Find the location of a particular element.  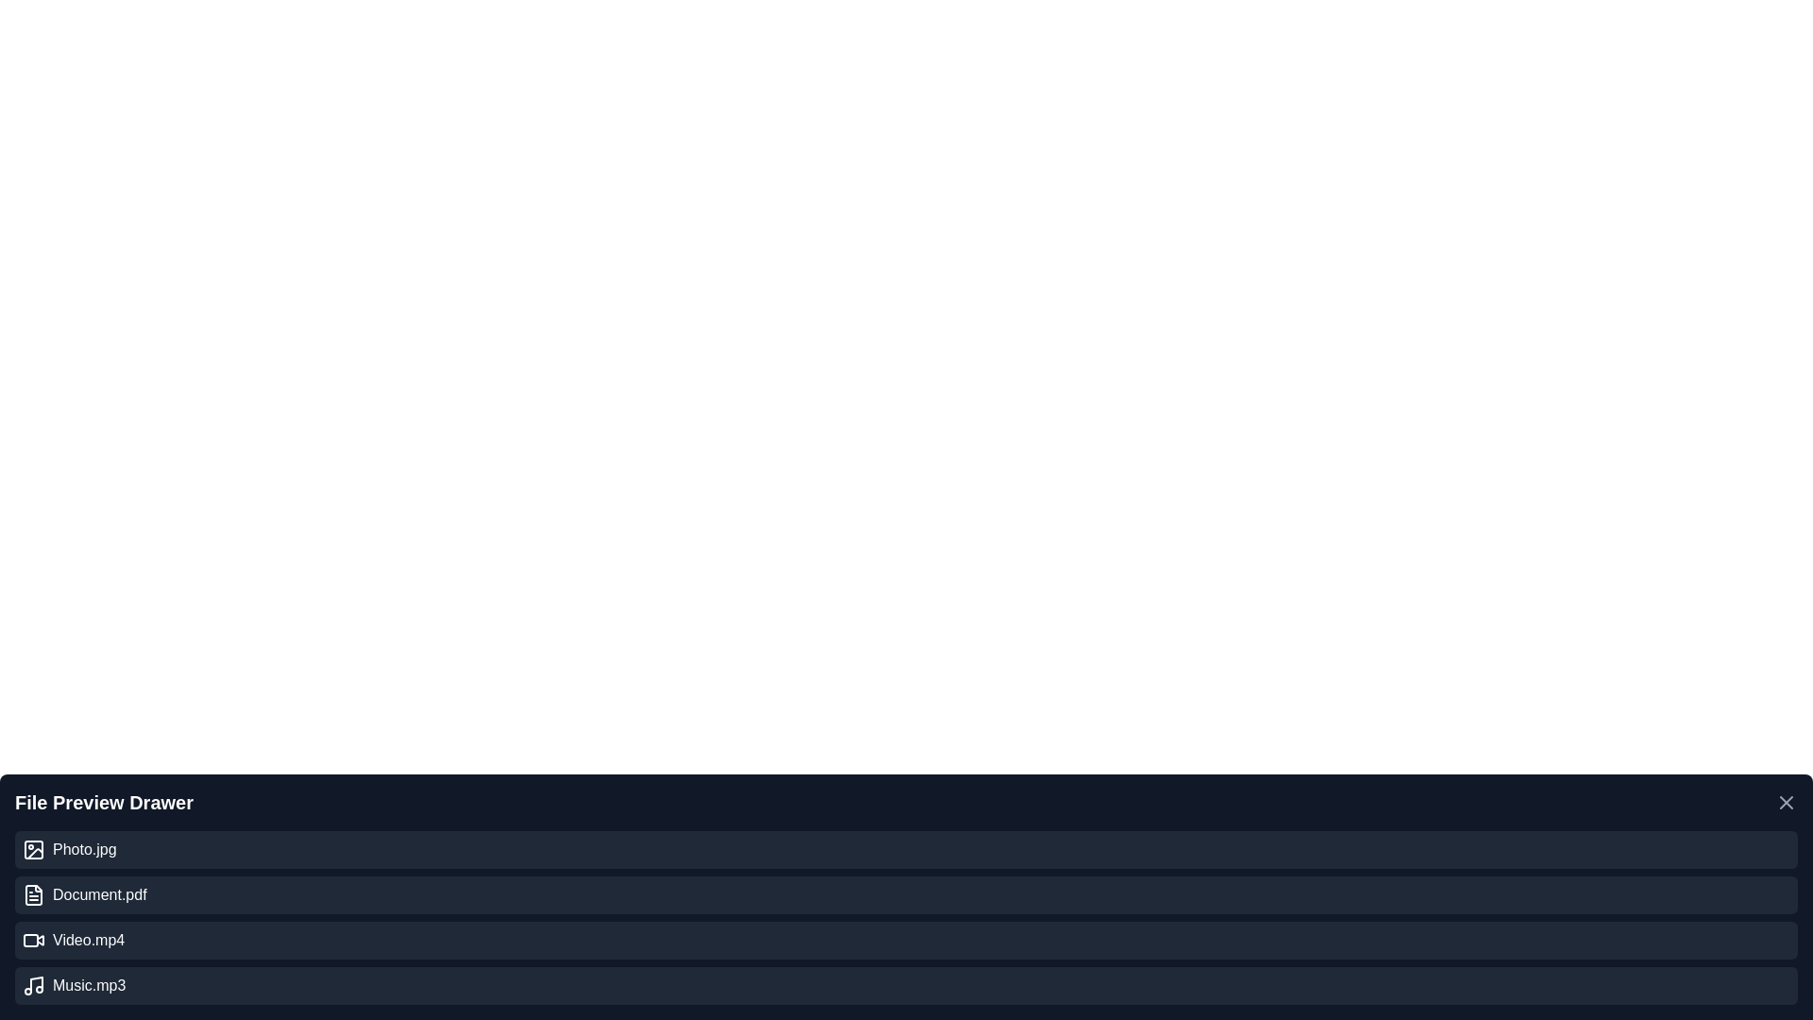

the second list item is located at coordinates (906, 894).